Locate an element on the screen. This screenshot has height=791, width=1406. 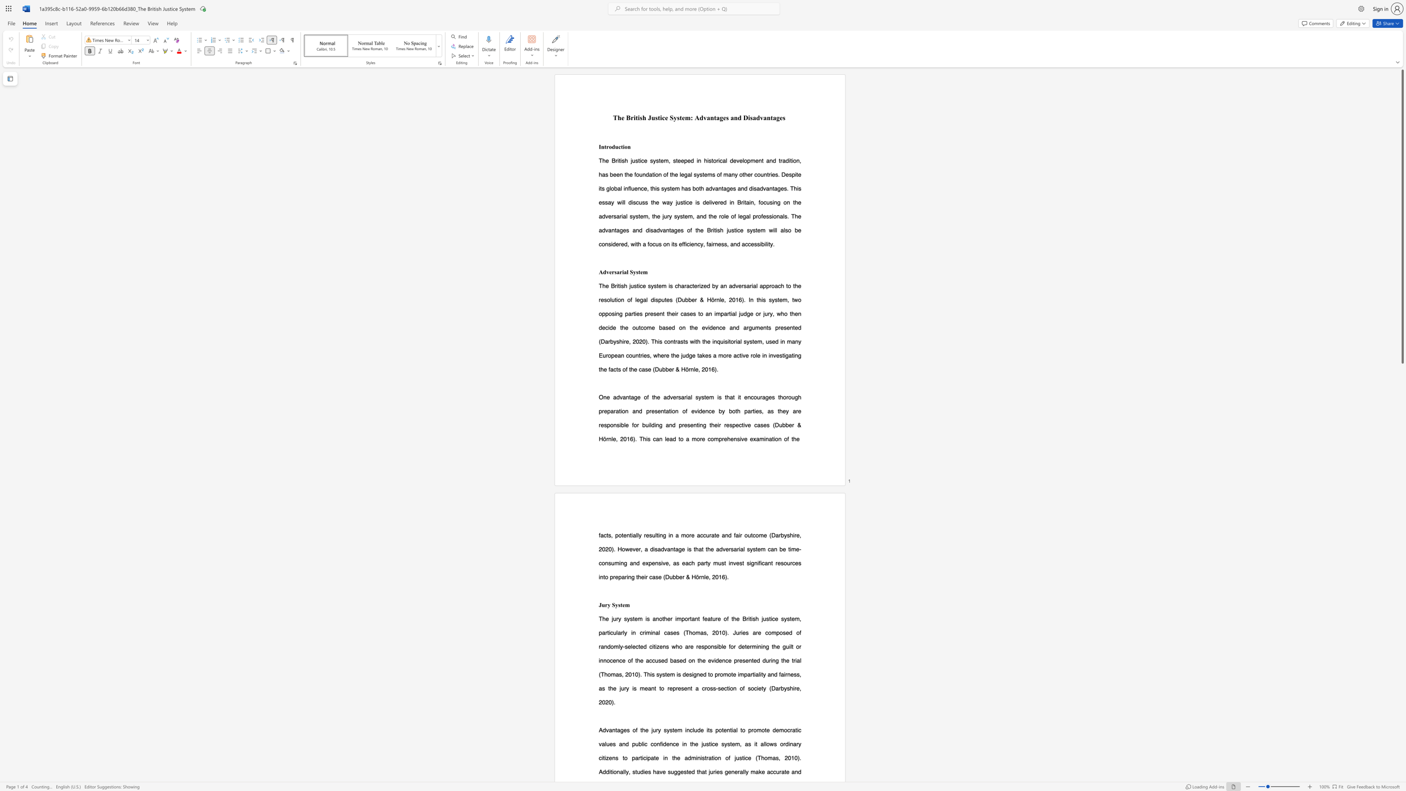
the scrollbar on the side is located at coordinates (1402, 522).